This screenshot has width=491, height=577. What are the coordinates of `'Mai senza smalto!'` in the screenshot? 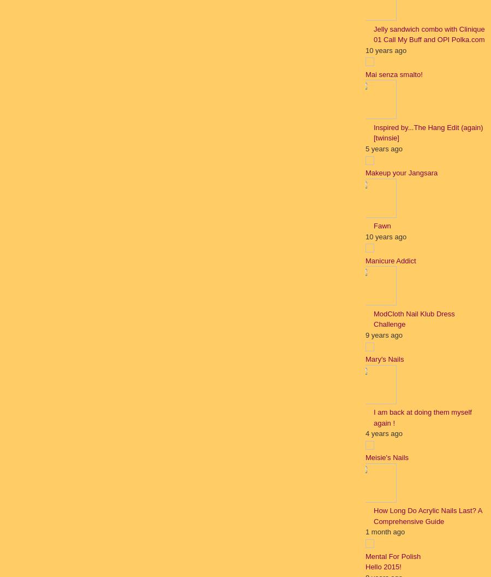 It's located at (393, 74).